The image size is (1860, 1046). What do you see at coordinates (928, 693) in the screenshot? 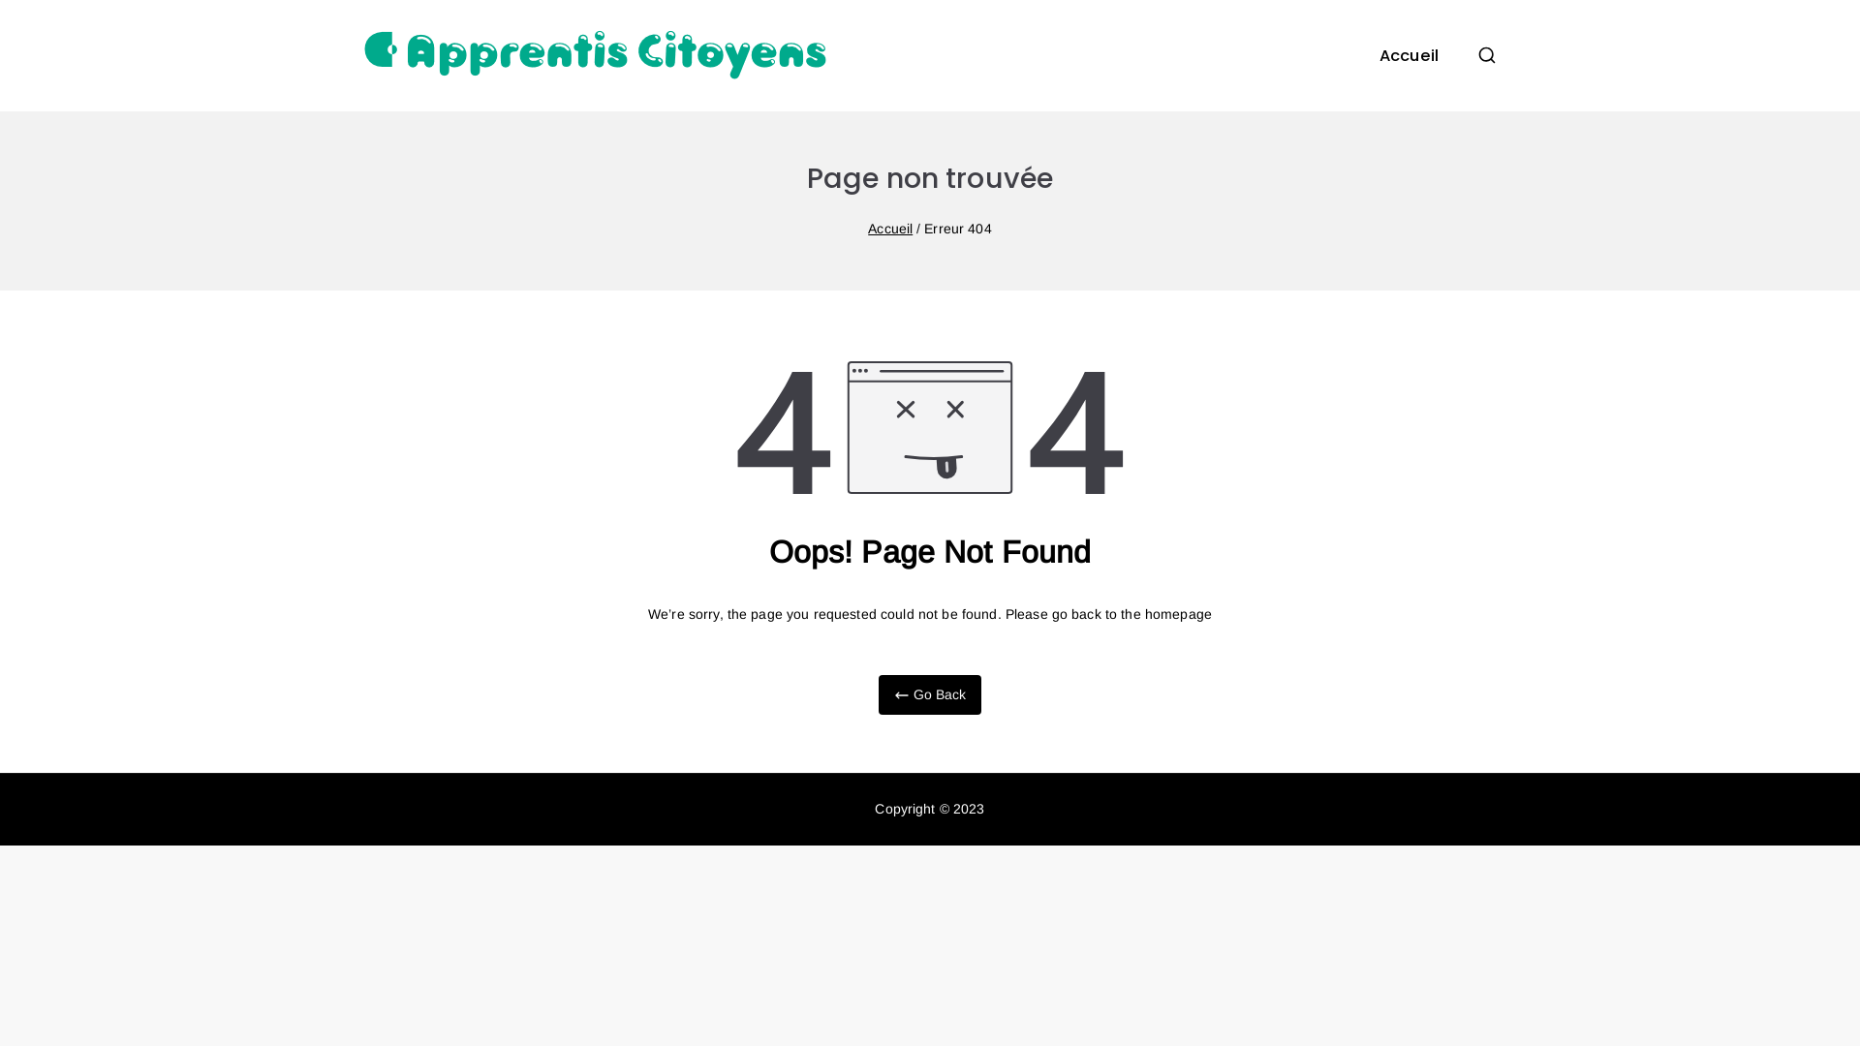
I see `'Go Back'` at bounding box center [928, 693].